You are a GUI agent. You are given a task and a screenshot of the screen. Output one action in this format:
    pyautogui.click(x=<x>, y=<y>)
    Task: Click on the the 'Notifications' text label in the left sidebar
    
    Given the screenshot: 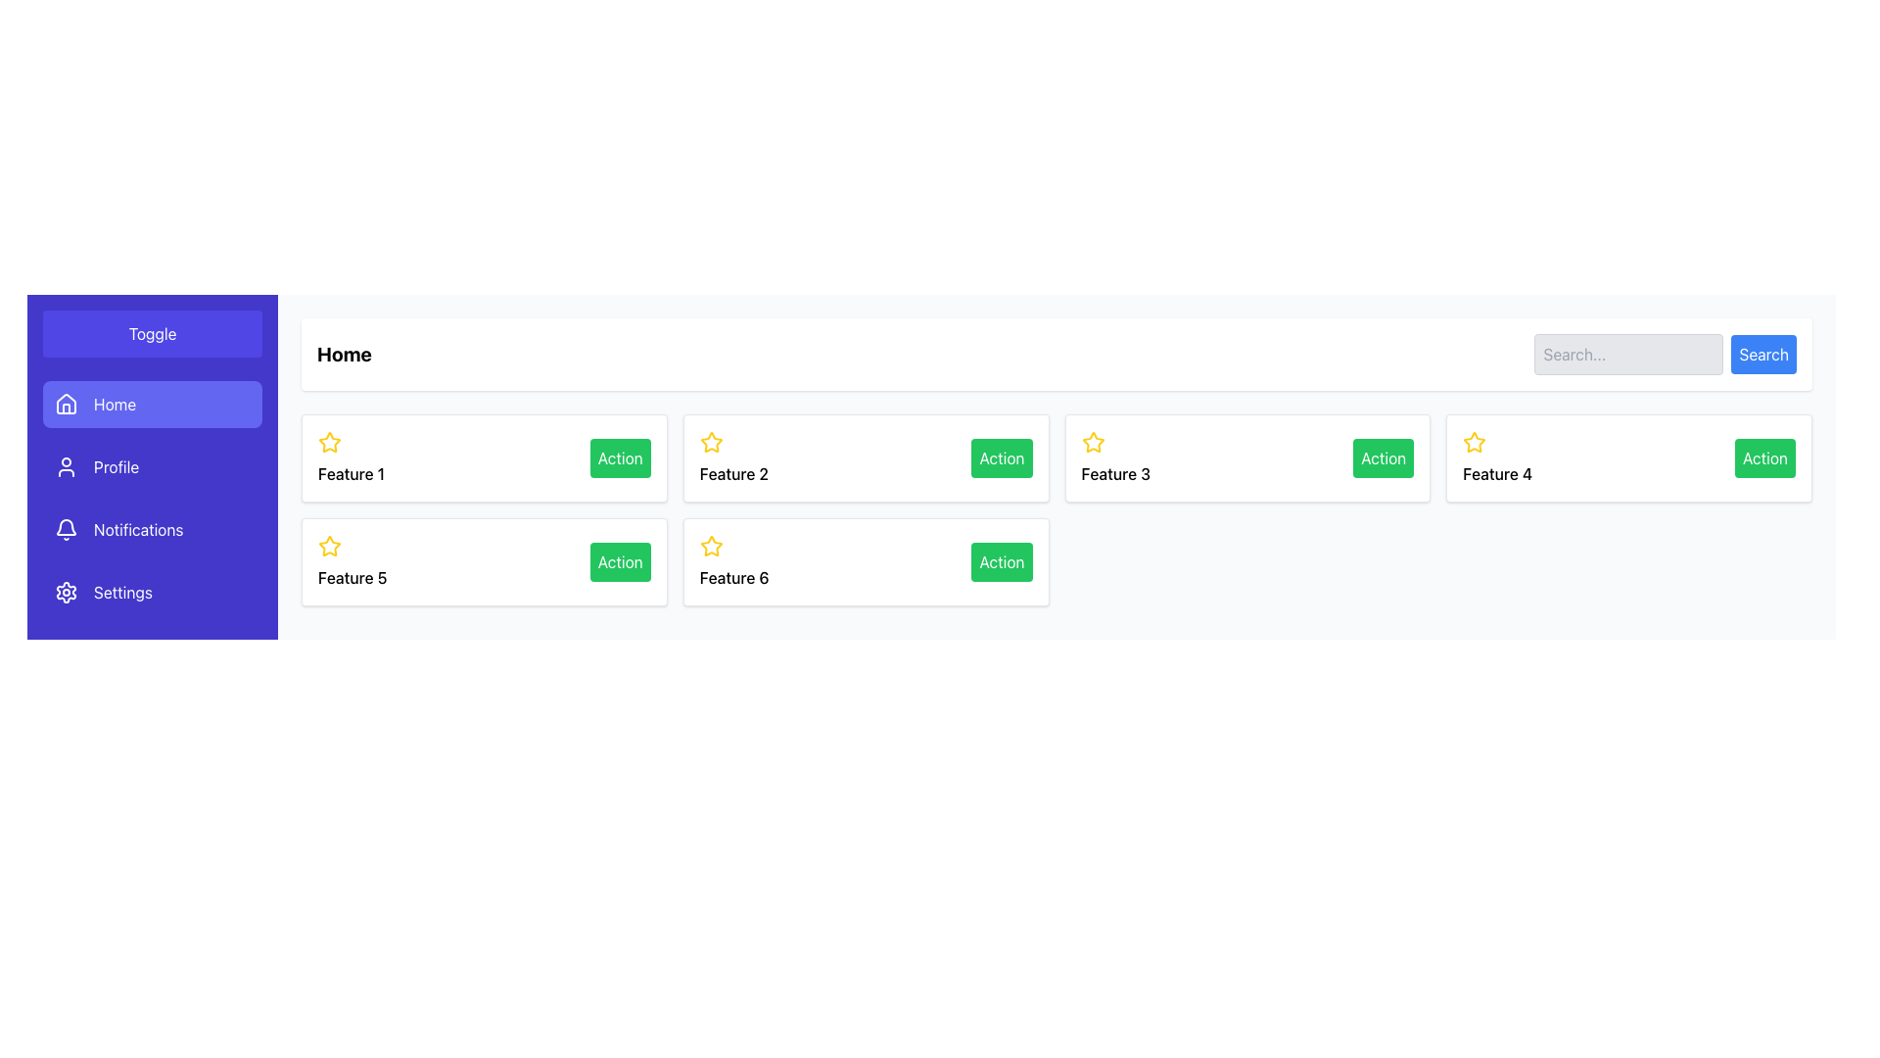 What is the action you would take?
    pyautogui.click(x=137, y=529)
    